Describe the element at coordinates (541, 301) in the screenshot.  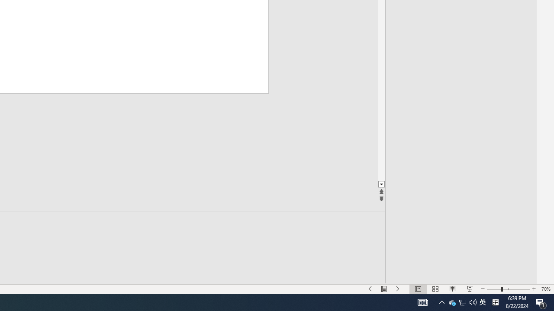
I see `'Zoom 70%'` at that location.